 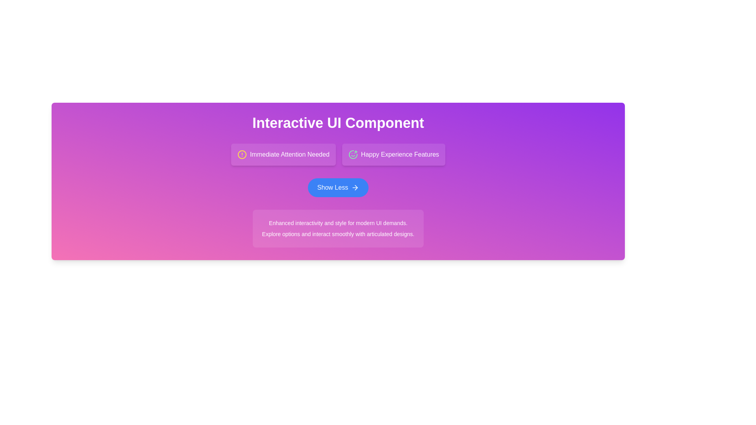 What do you see at coordinates (352, 155) in the screenshot?
I see `the green smiling face icon with a plus sign, located to the left of 'Happy Experience Features' and to the right of 'Immediate Attention Needed'` at bounding box center [352, 155].